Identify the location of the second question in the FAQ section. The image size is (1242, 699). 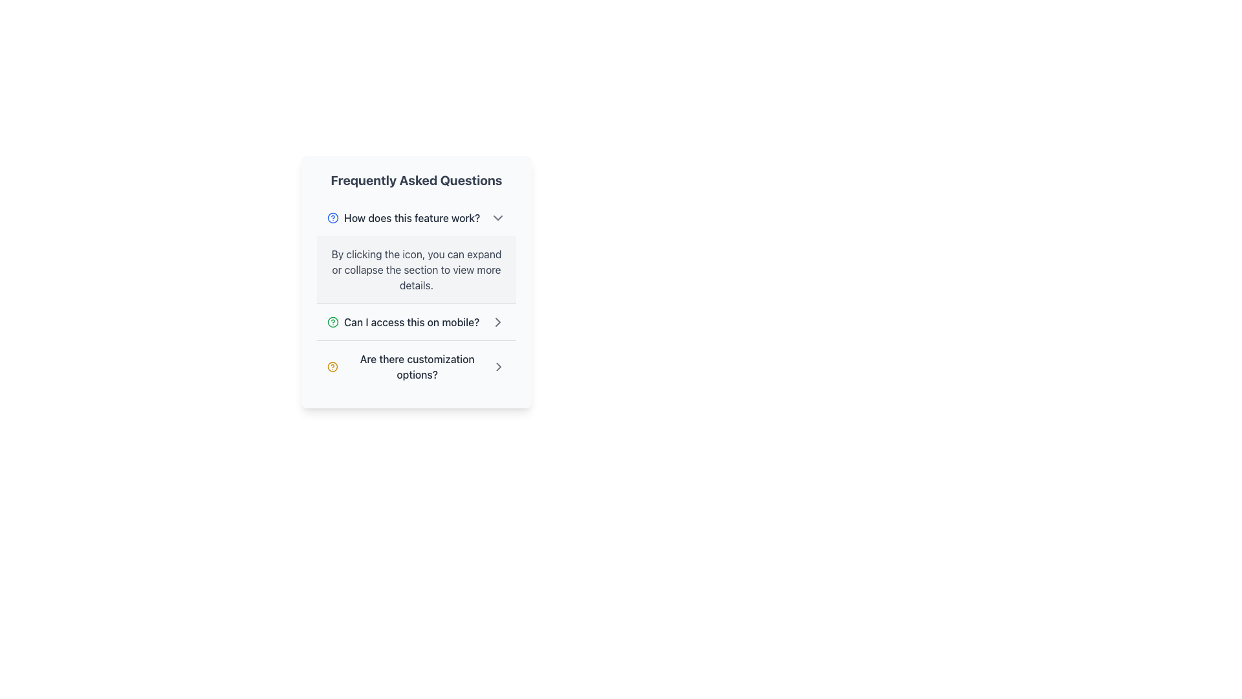
(416, 321).